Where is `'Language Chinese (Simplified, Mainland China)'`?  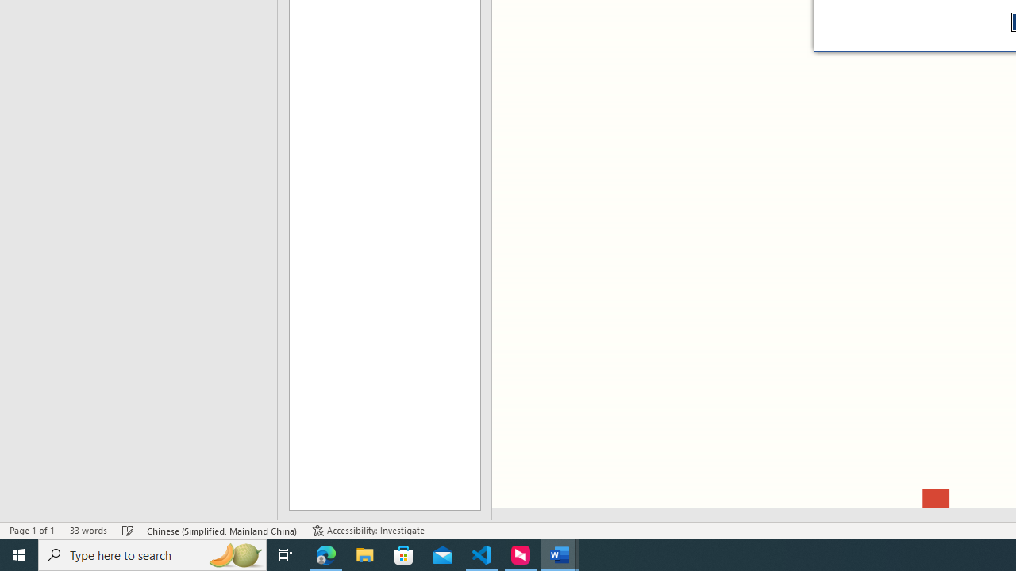 'Language Chinese (Simplified, Mainland China)' is located at coordinates (221, 531).